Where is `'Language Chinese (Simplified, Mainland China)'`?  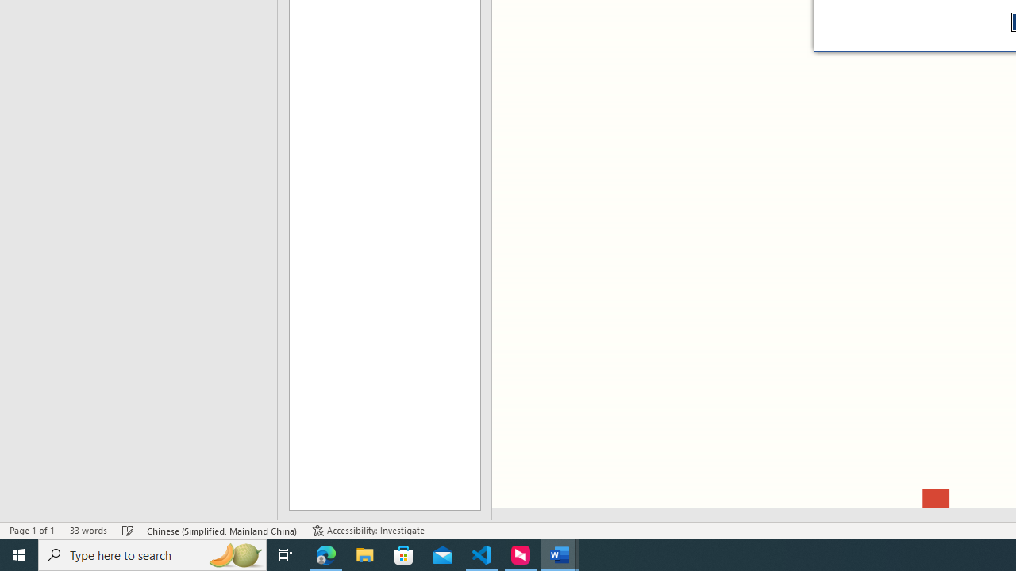 'Language Chinese (Simplified, Mainland China)' is located at coordinates (221, 531).